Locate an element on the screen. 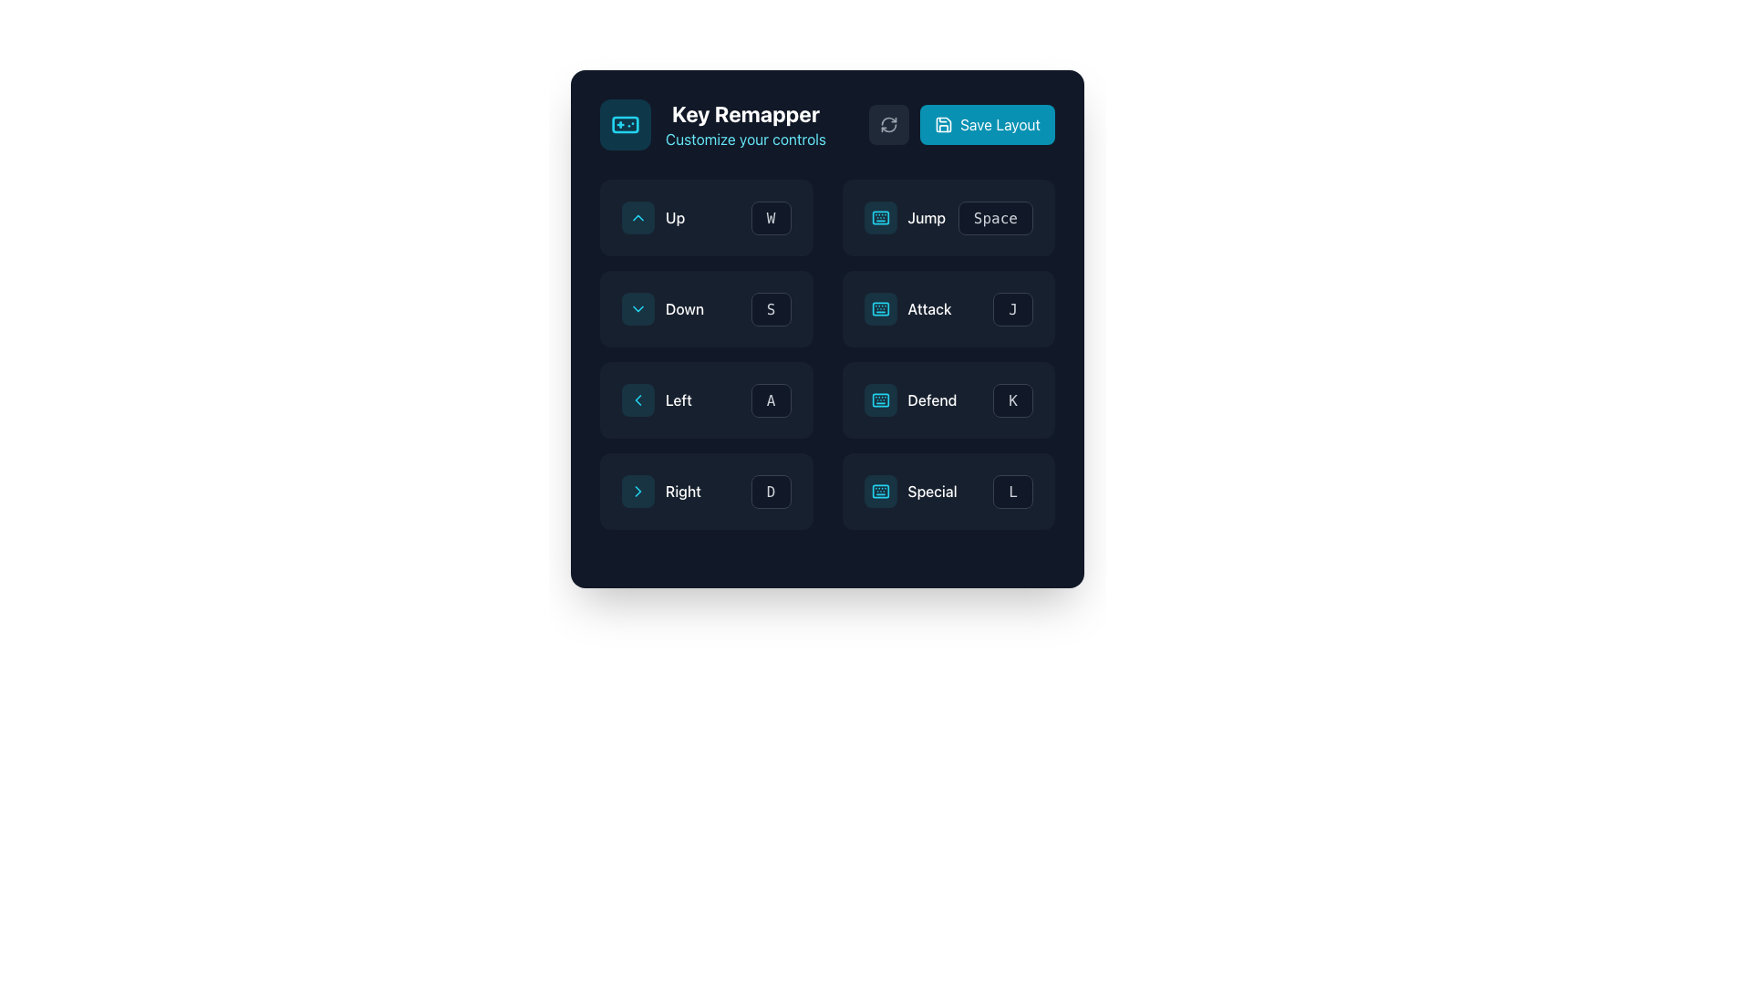  the 'S' key button in the key remapping interface is located at coordinates (771, 308).